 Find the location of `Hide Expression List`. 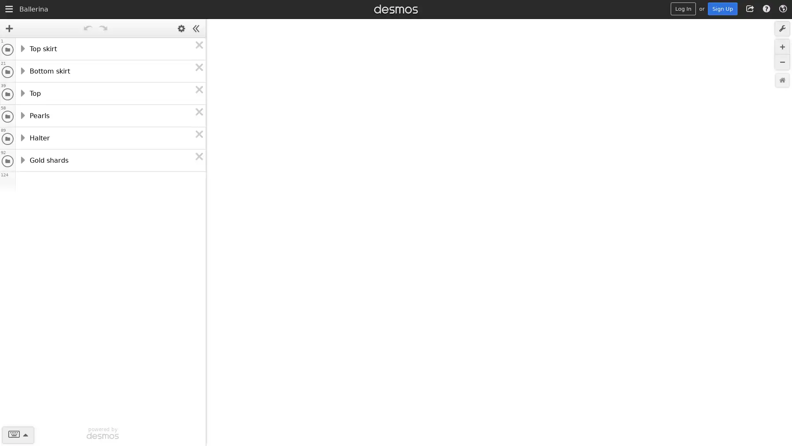

Hide Expression List is located at coordinates (196, 28).